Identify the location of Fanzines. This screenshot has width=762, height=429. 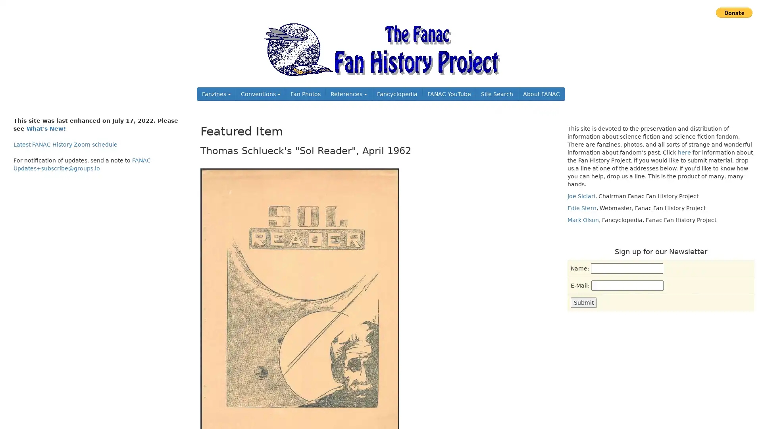
(216, 93).